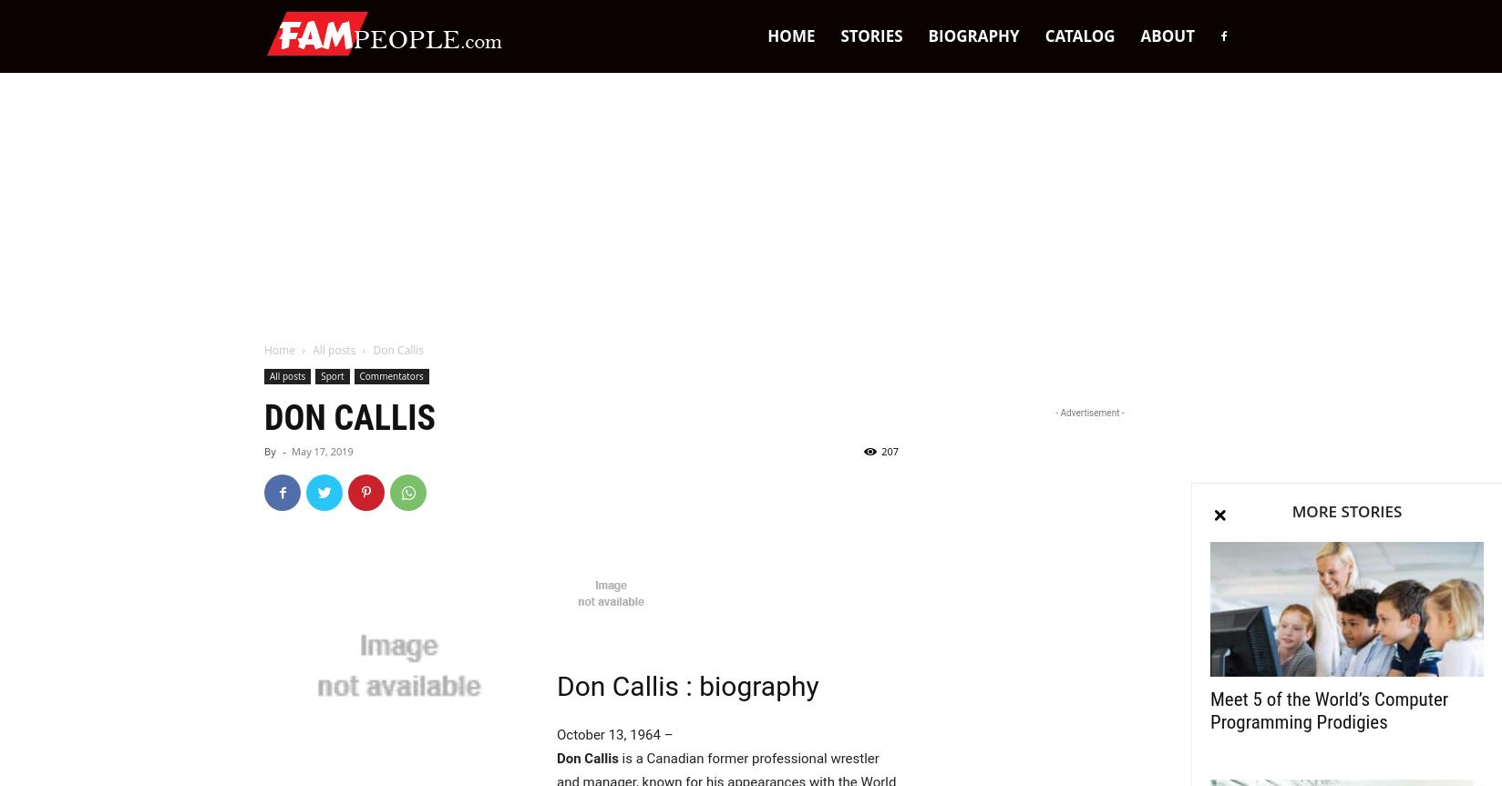 This screenshot has height=786, width=1502. Describe the element at coordinates (358, 376) in the screenshot. I see `'Commentators'` at that location.